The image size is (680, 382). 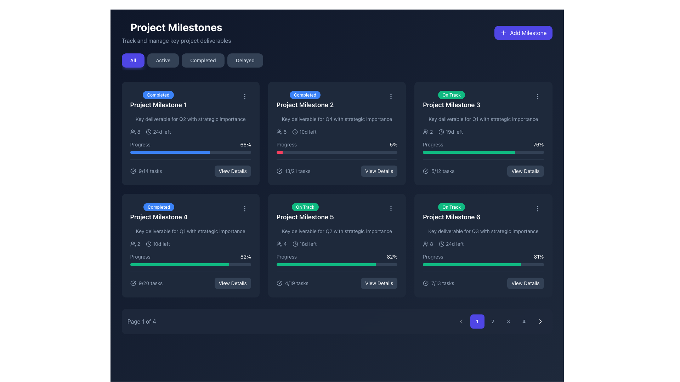 I want to click on the clock icon located next to the text '10d left' in the card labeled 'Project Milestone 2', so click(x=295, y=132).